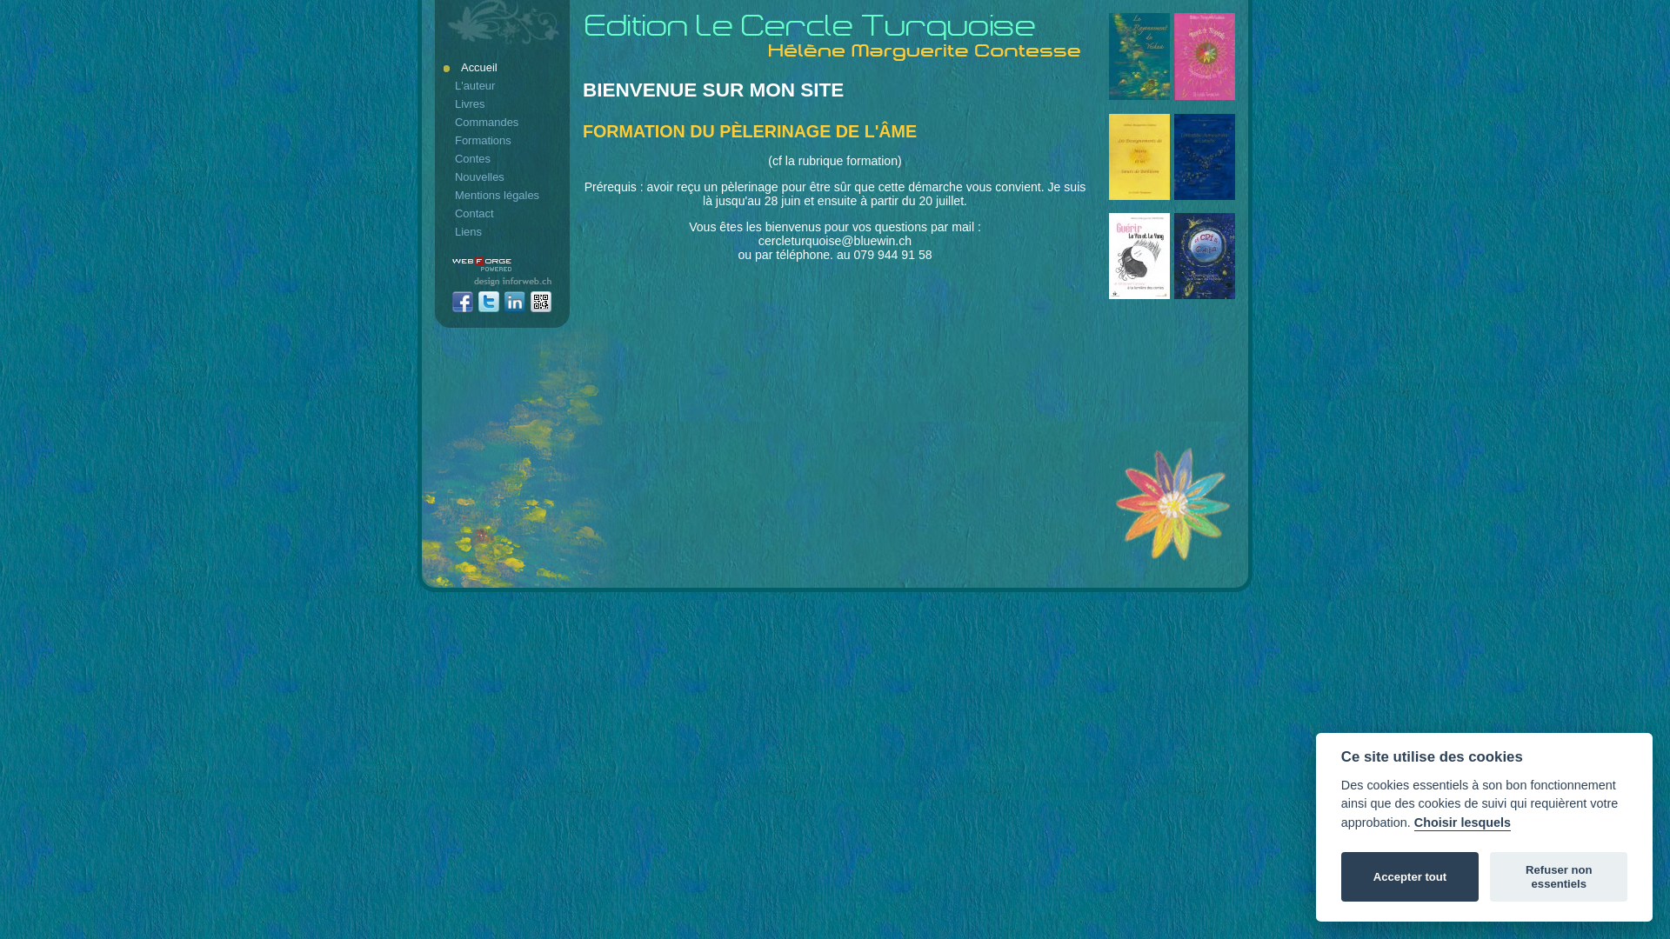 The width and height of the screenshot is (1670, 939). I want to click on 'Afficher le QR-Code', so click(529, 302).